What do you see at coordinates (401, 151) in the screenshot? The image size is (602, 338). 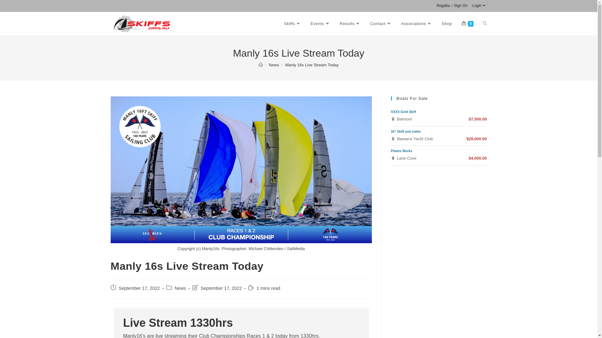 I see `'Pilates Works'` at bounding box center [401, 151].